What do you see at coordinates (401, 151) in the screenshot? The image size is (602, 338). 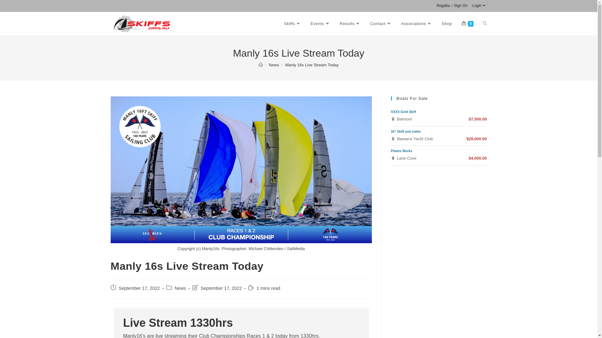 I see `'Pilates Works'` at bounding box center [401, 151].